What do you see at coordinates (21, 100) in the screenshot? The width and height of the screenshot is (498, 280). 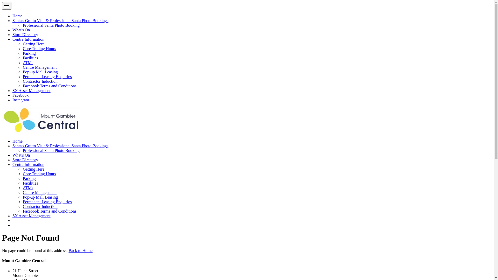 I see `'Instagram'` at bounding box center [21, 100].